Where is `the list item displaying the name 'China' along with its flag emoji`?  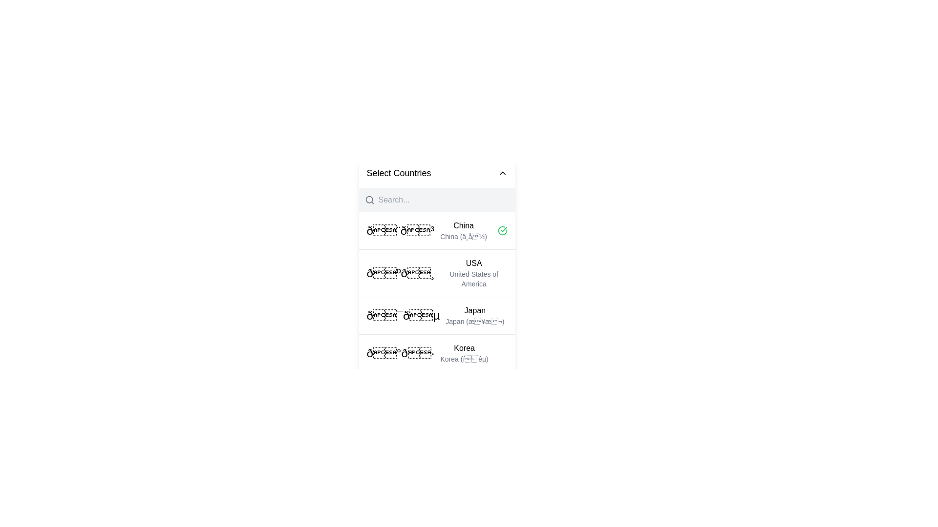
the list item displaying the name 'China' along with its flag emoji is located at coordinates (436, 231).